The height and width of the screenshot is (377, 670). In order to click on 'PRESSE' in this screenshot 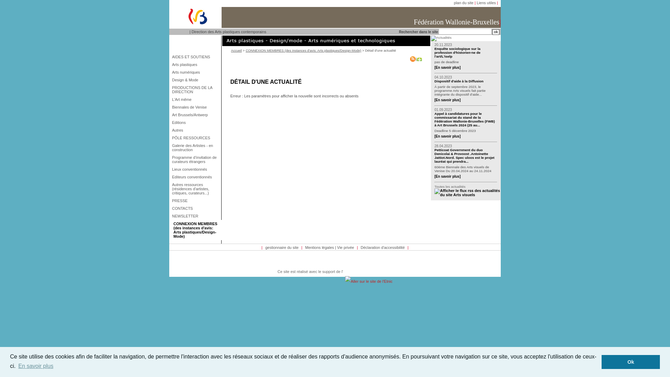, I will do `click(195, 200)`.